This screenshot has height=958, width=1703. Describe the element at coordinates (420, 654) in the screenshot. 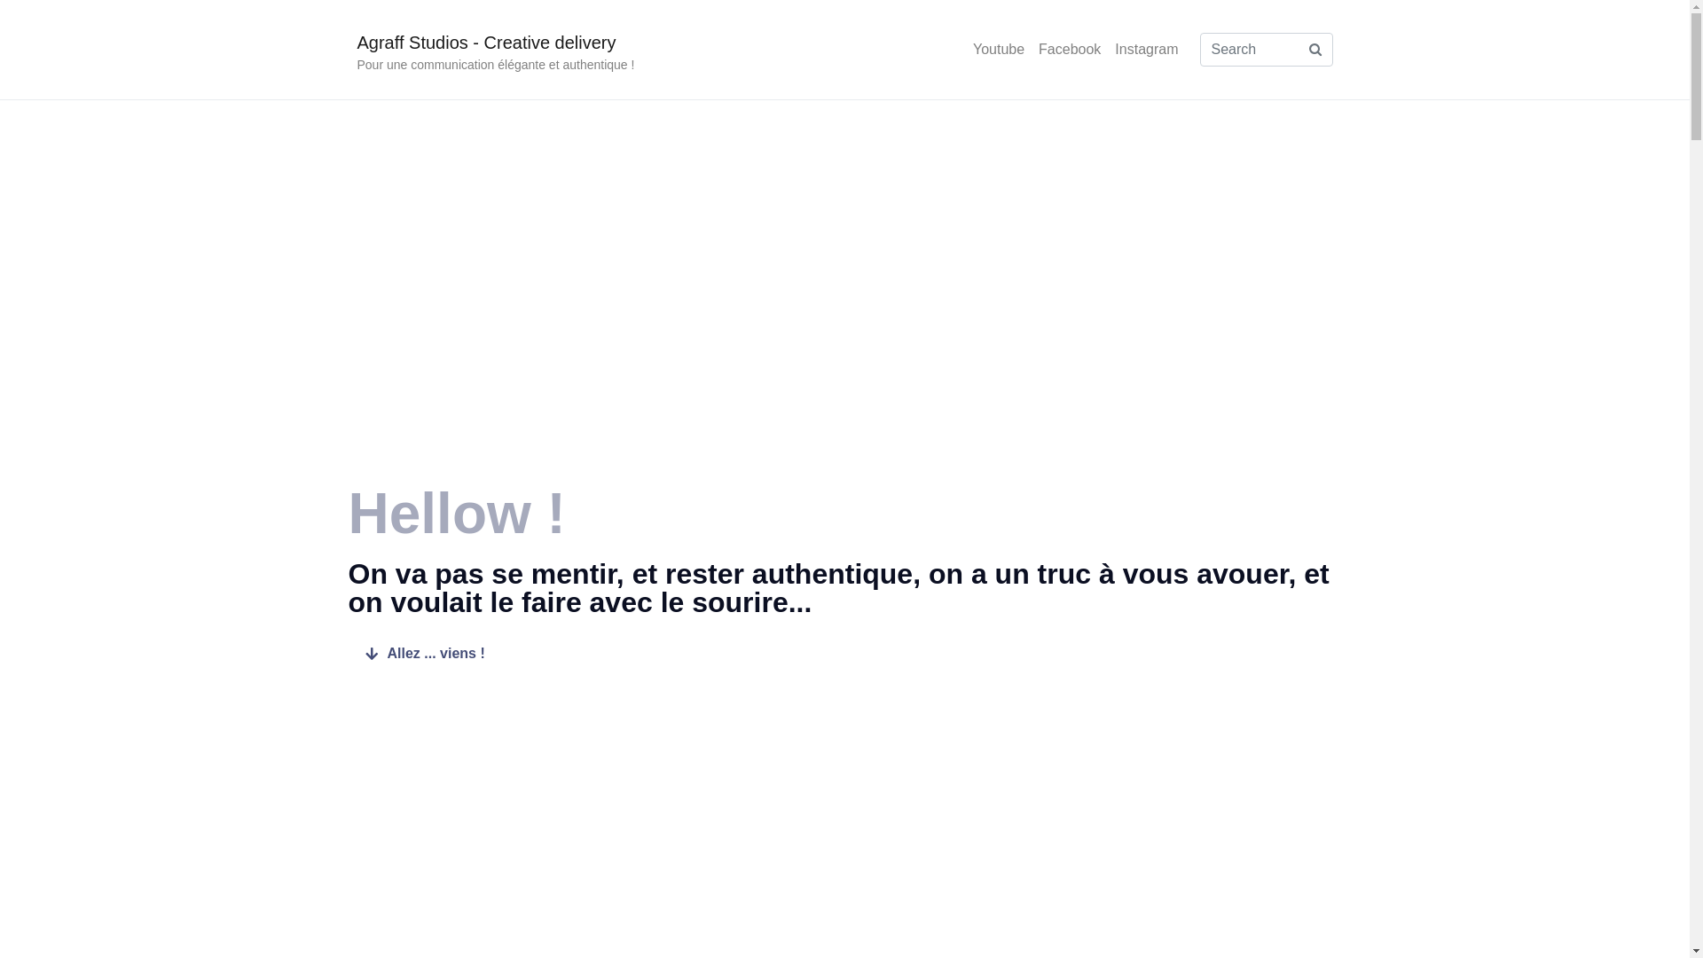

I see `'Allez ... viens !'` at that location.